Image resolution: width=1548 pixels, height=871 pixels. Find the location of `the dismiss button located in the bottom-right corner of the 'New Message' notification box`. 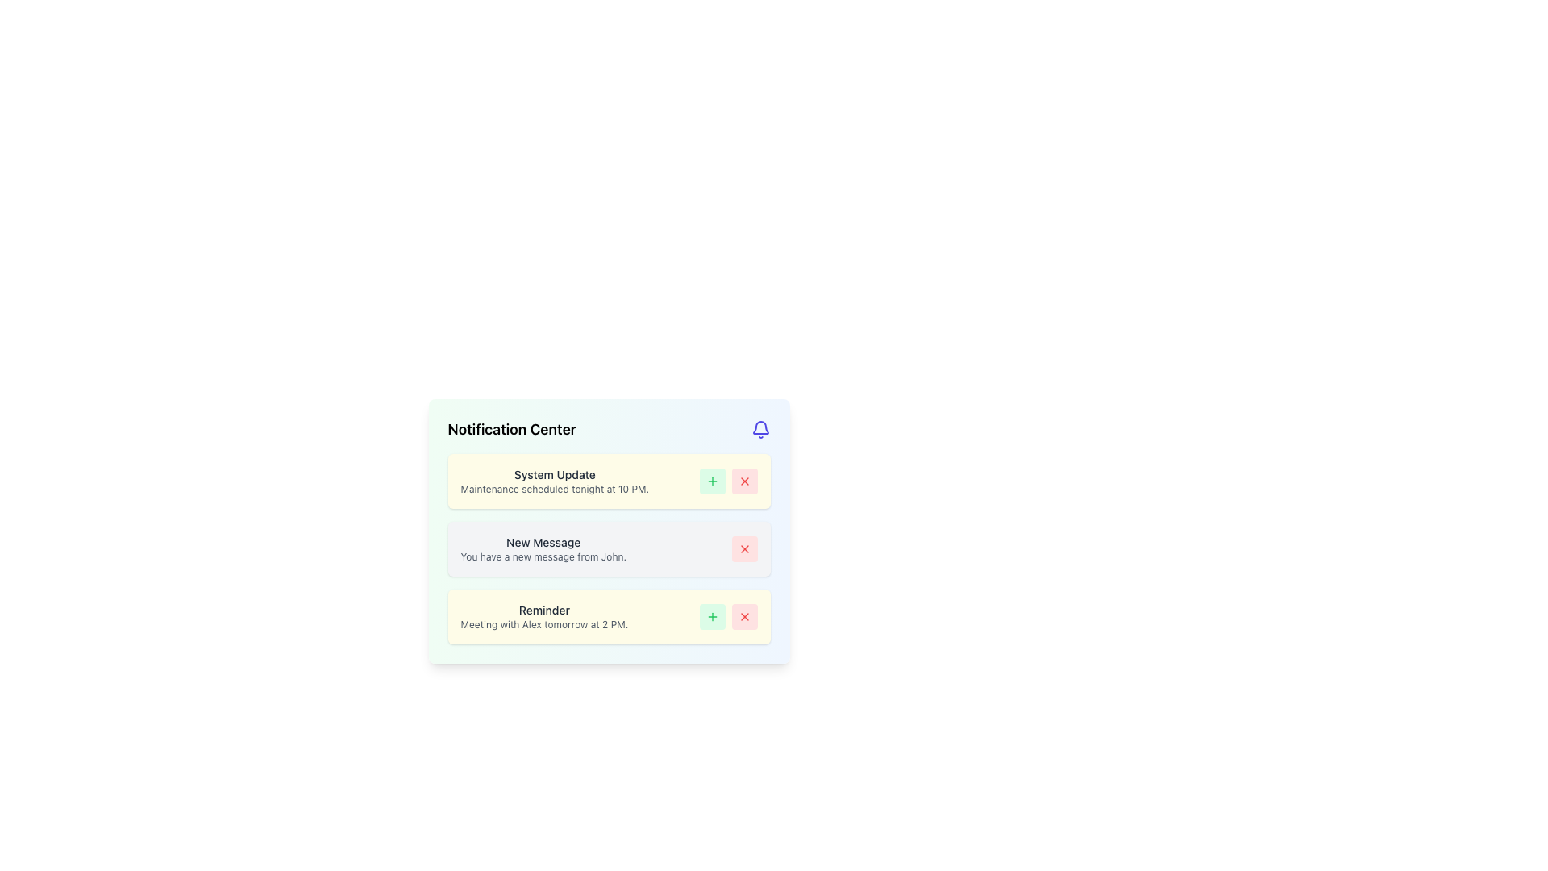

the dismiss button located in the bottom-right corner of the 'New Message' notification box is located at coordinates (743, 548).